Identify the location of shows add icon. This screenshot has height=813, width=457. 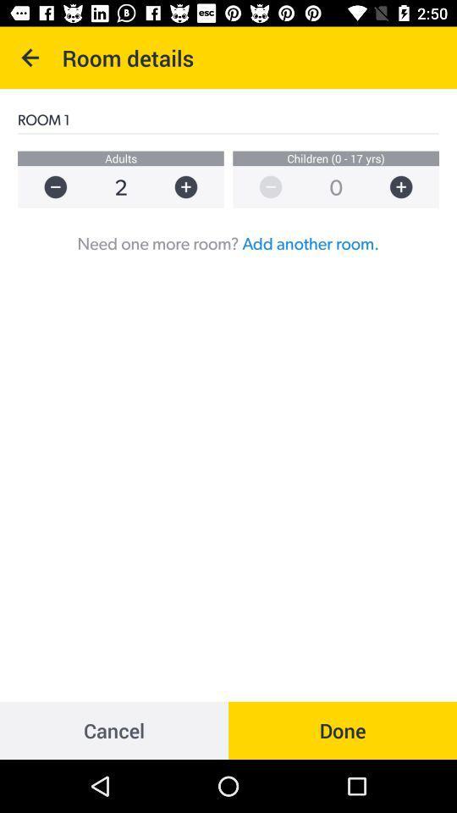
(409, 187).